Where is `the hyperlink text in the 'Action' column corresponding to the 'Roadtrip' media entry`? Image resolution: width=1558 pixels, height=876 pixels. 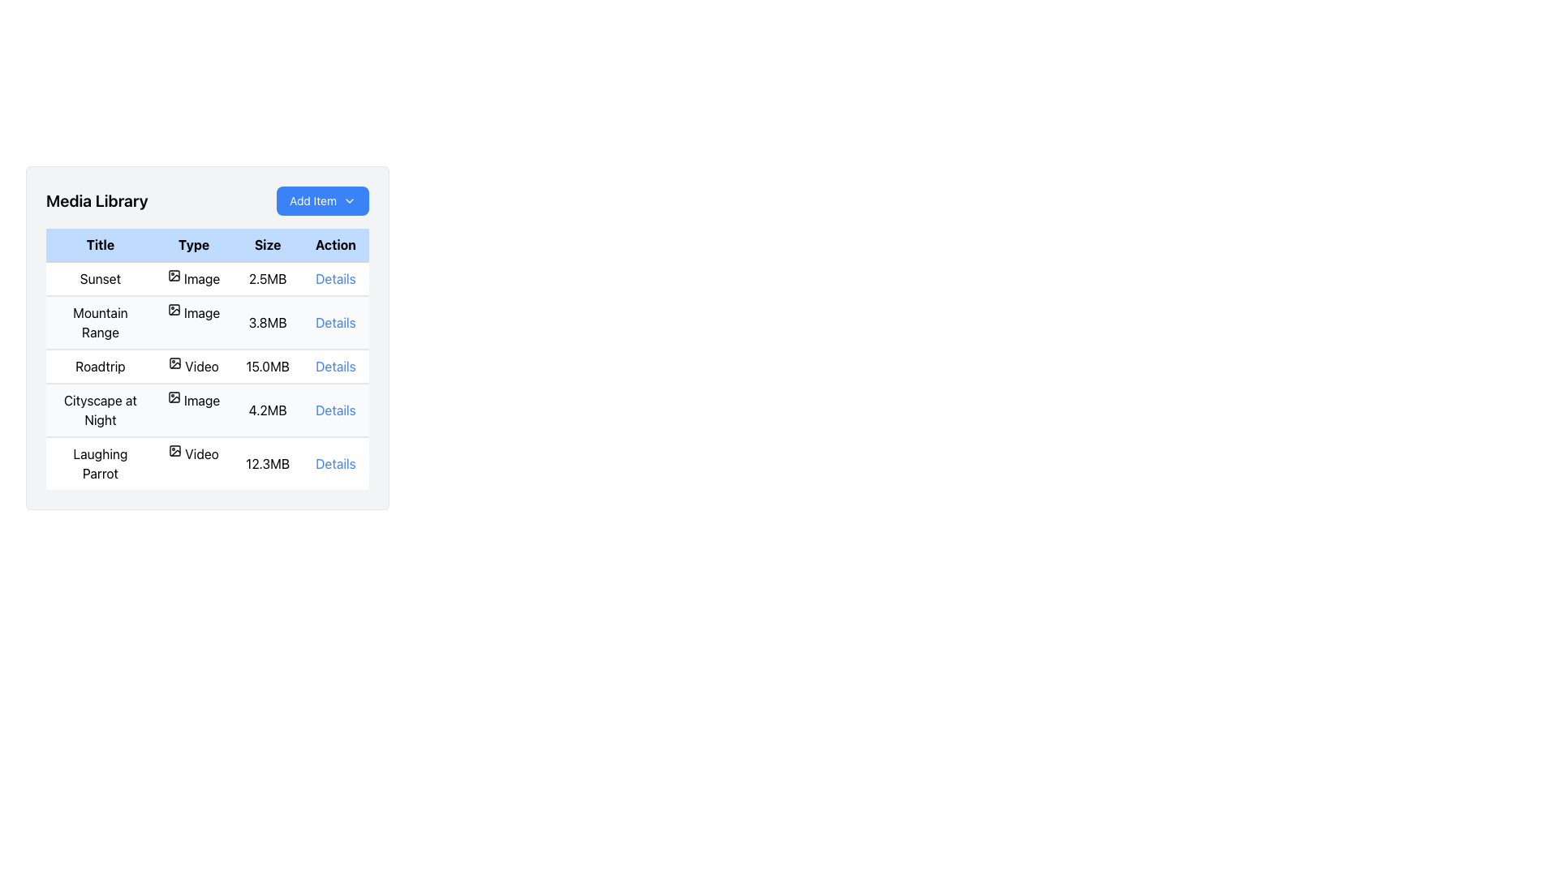
the hyperlink text in the 'Action' column corresponding to the 'Roadtrip' media entry is located at coordinates (334, 366).